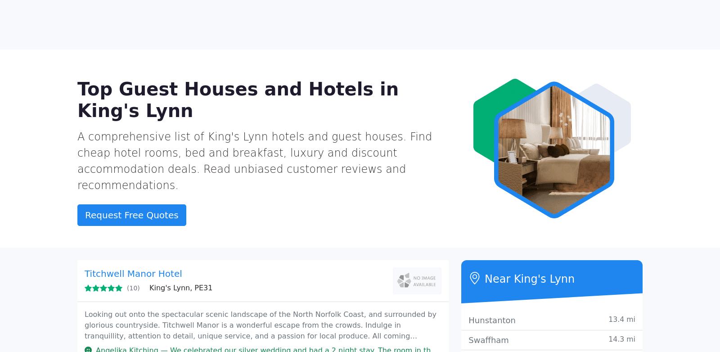 Image resolution: width=720 pixels, height=352 pixels. I want to click on 'Sign In', so click(628, 13).